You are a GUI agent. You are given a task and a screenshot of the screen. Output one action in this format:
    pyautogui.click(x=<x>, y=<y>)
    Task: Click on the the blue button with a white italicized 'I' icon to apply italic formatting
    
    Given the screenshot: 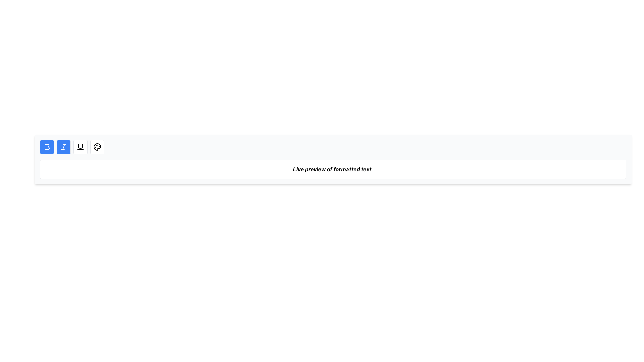 What is the action you would take?
    pyautogui.click(x=64, y=147)
    